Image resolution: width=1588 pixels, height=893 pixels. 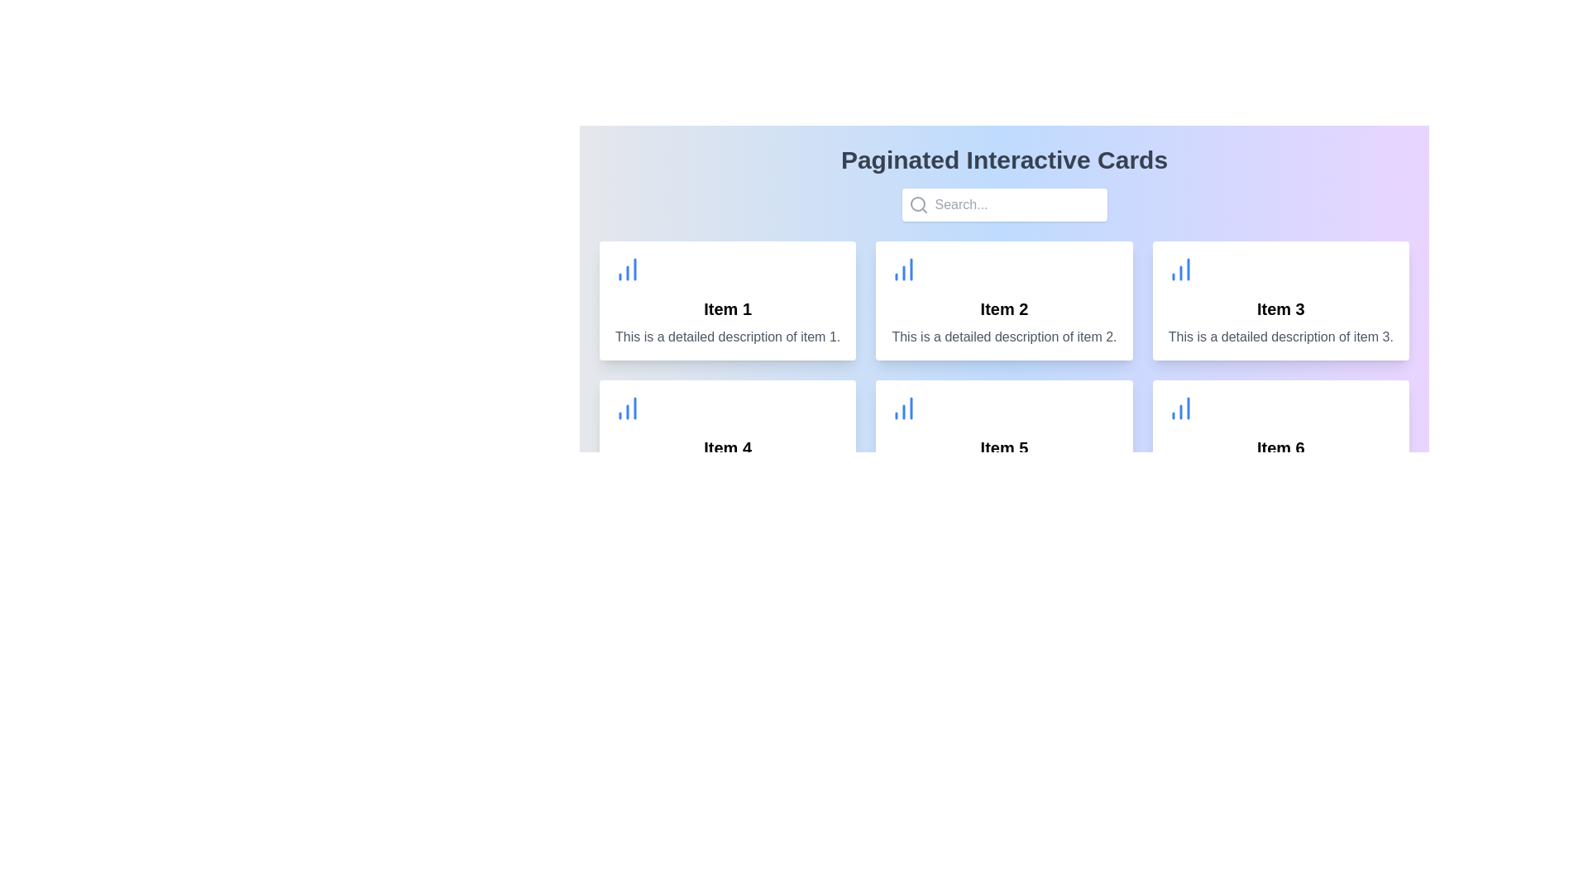 What do you see at coordinates (903, 408) in the screenshot?
I see `the vertical bar chart icon with three blue bars located at the top-left corner of the card labeled 'Item 5'` at bounding box center [903, 408].